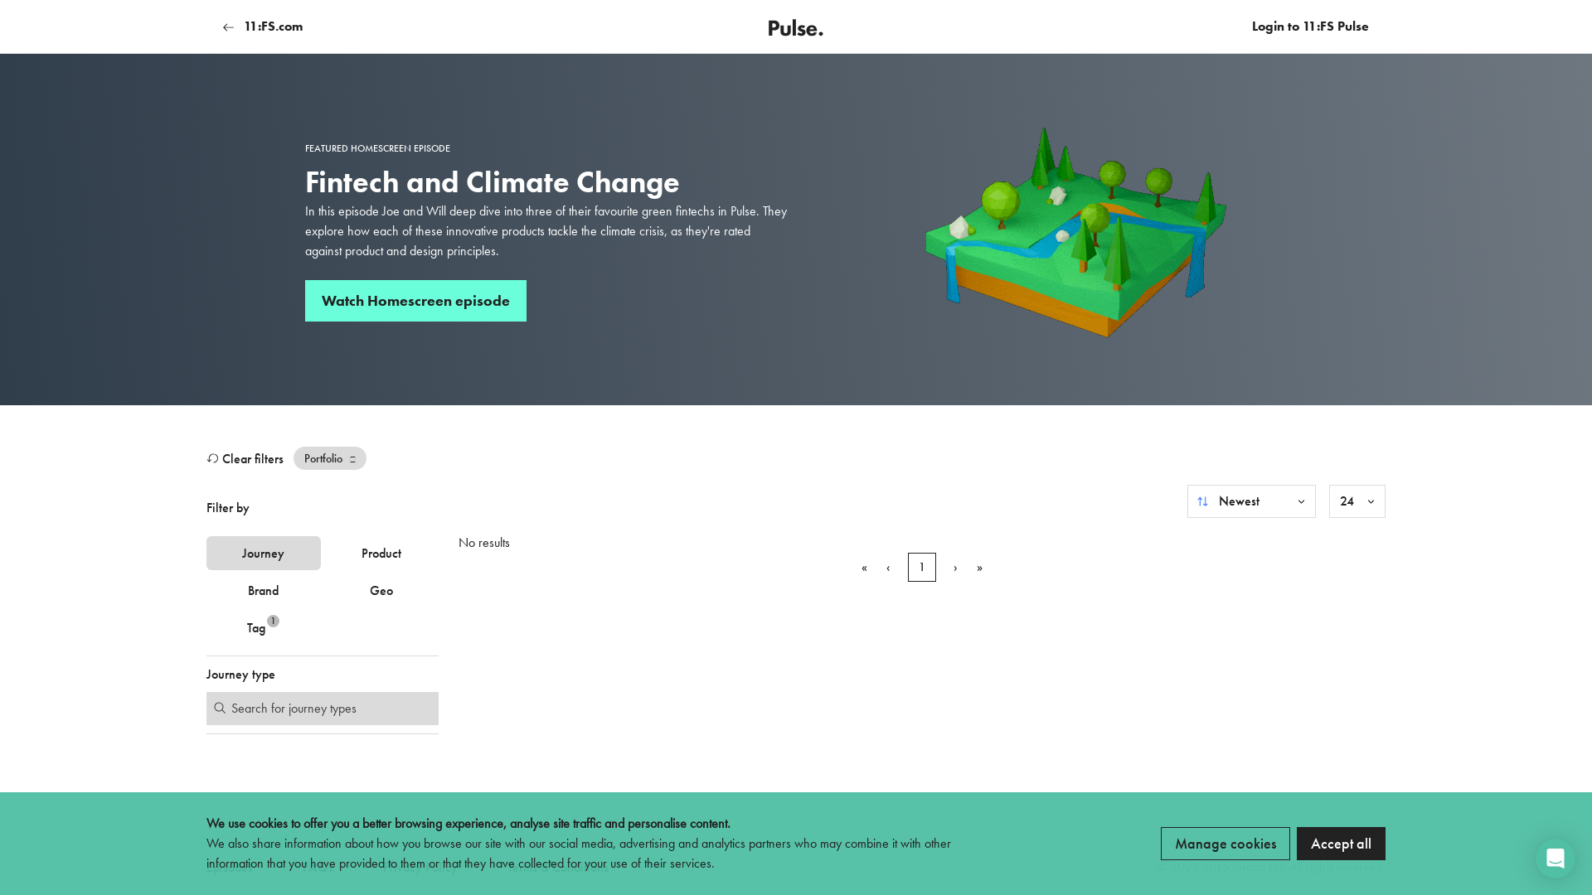 The image size is (1592, 895). Describe the element at coordinates (206, 627) in the screenshot. I see `'Tag` at that location.